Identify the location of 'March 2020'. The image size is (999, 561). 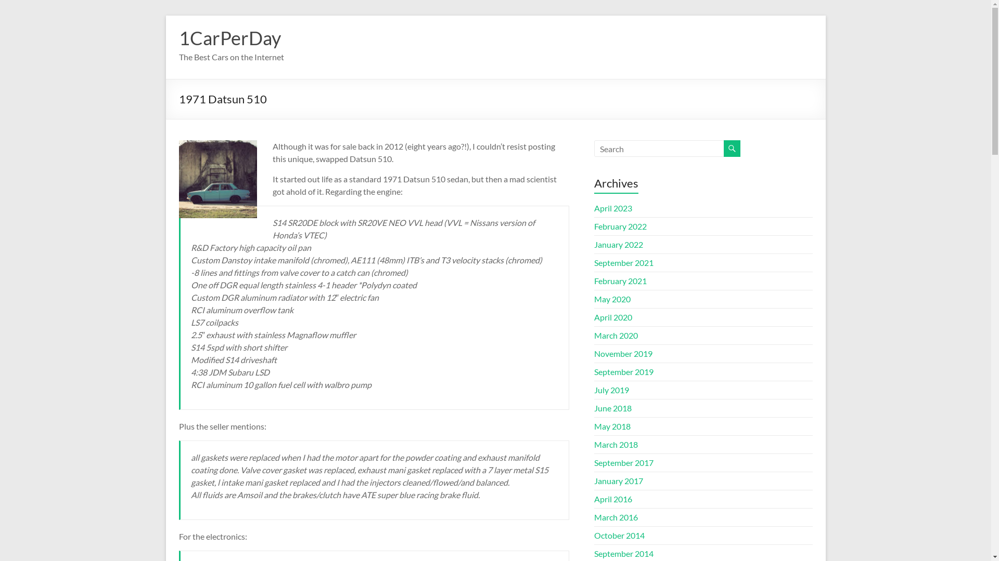
(594, 335).